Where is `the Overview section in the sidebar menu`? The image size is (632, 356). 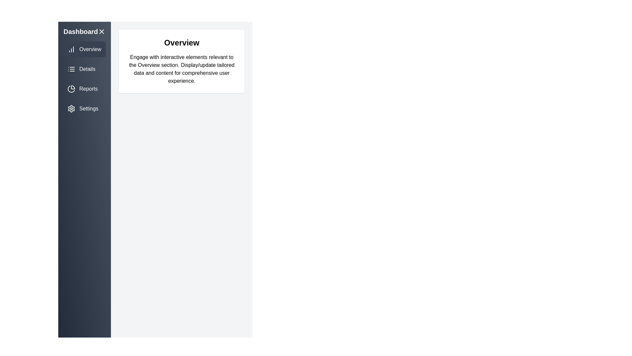
the Overview section in the sidebar menu is located at coordinates (84, 49).